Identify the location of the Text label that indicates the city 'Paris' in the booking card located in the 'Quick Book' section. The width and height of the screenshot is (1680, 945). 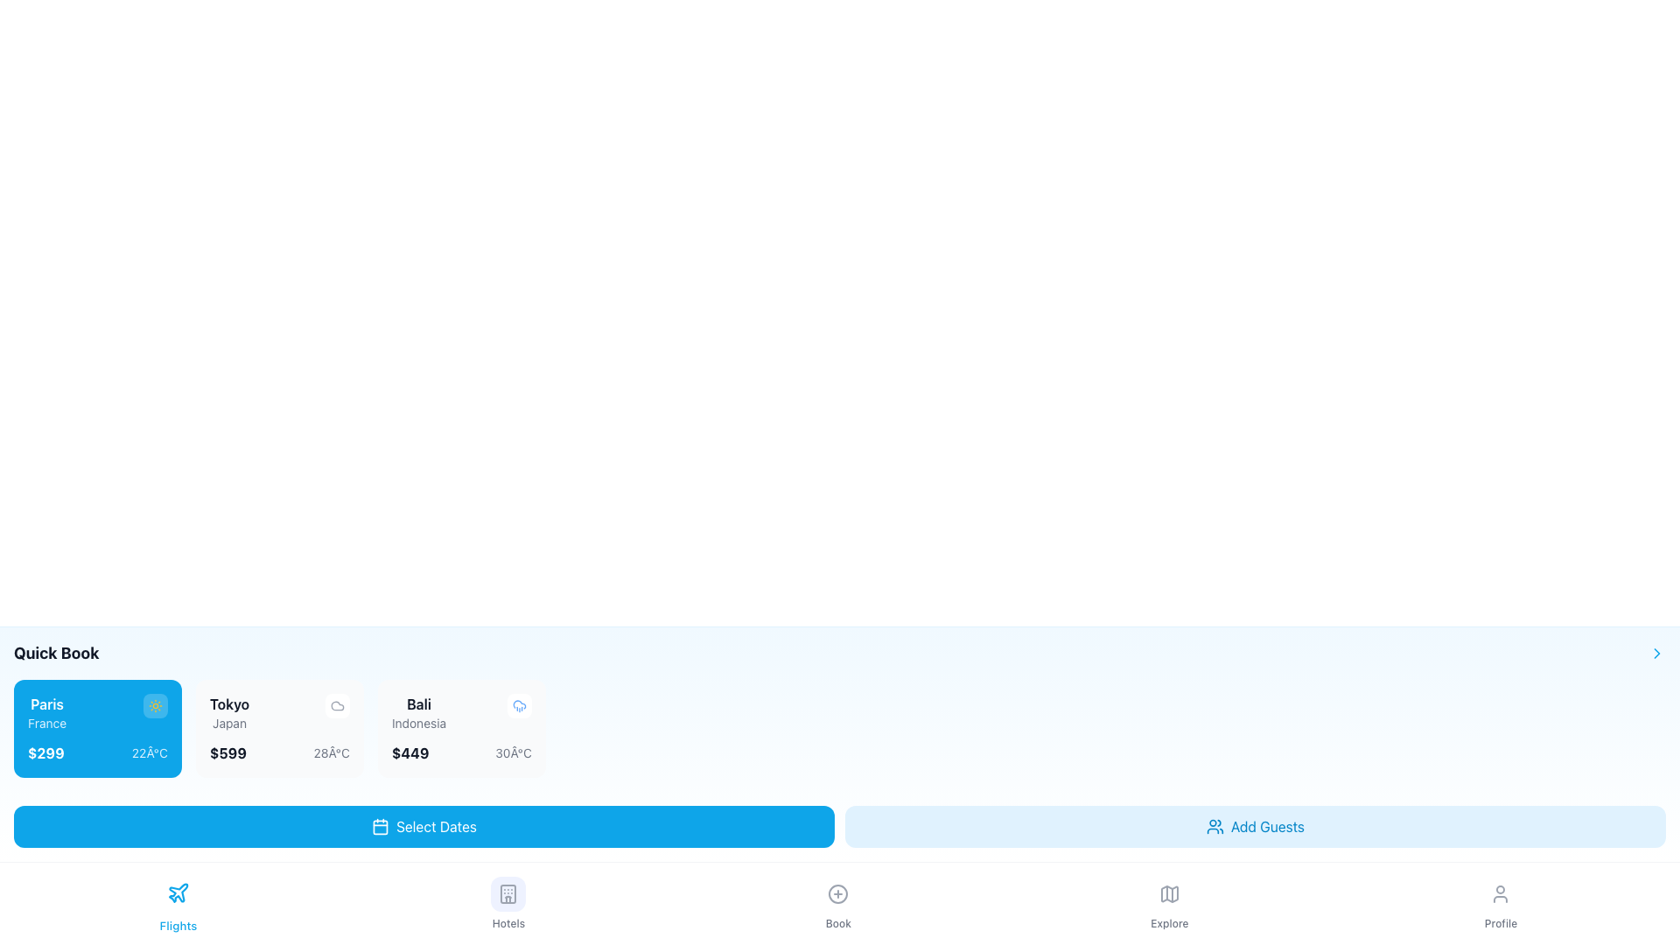
(47, 703).